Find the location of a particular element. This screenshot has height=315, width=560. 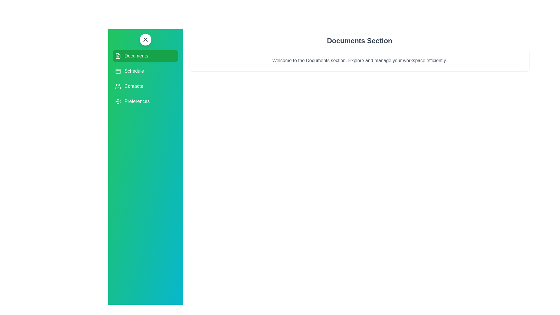

the Schedule section to select it is located at coordinates (146, 71).